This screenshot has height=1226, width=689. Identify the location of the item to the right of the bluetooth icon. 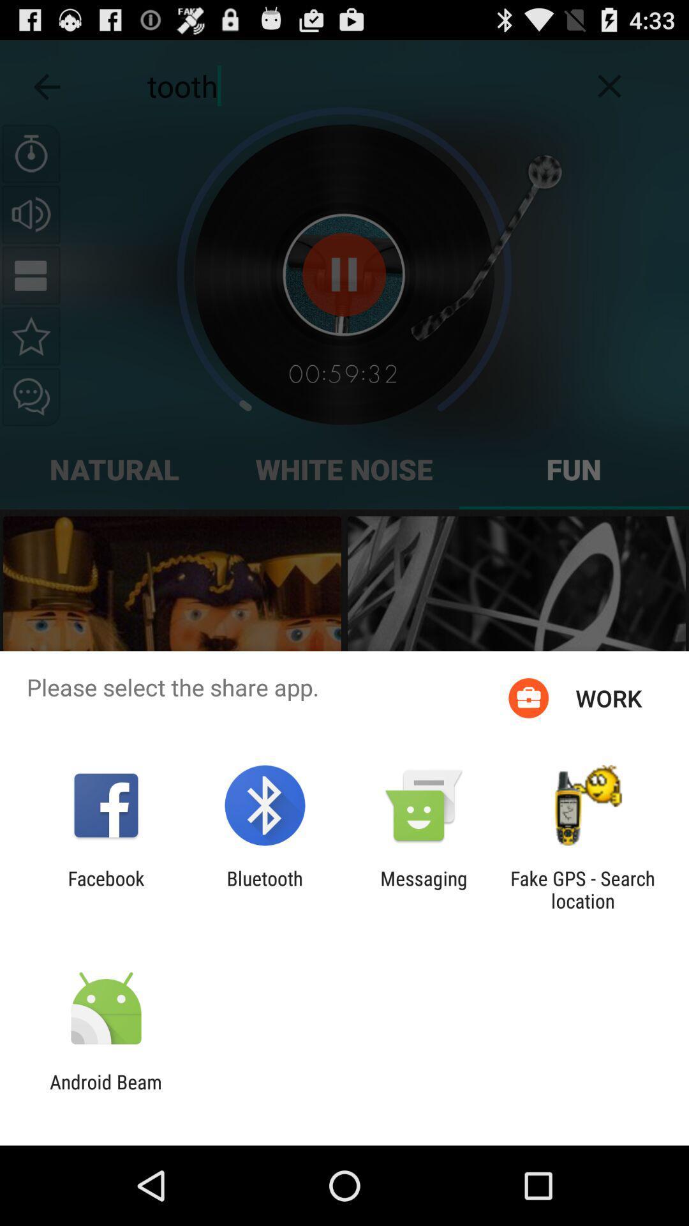
(424, 889).